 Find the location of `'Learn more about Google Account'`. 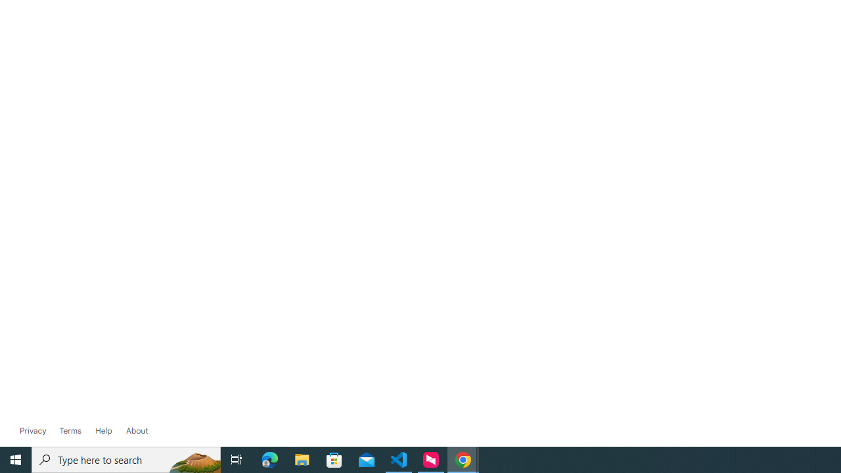

'Learn more about Google Account' is located at coordinates (137, 430).